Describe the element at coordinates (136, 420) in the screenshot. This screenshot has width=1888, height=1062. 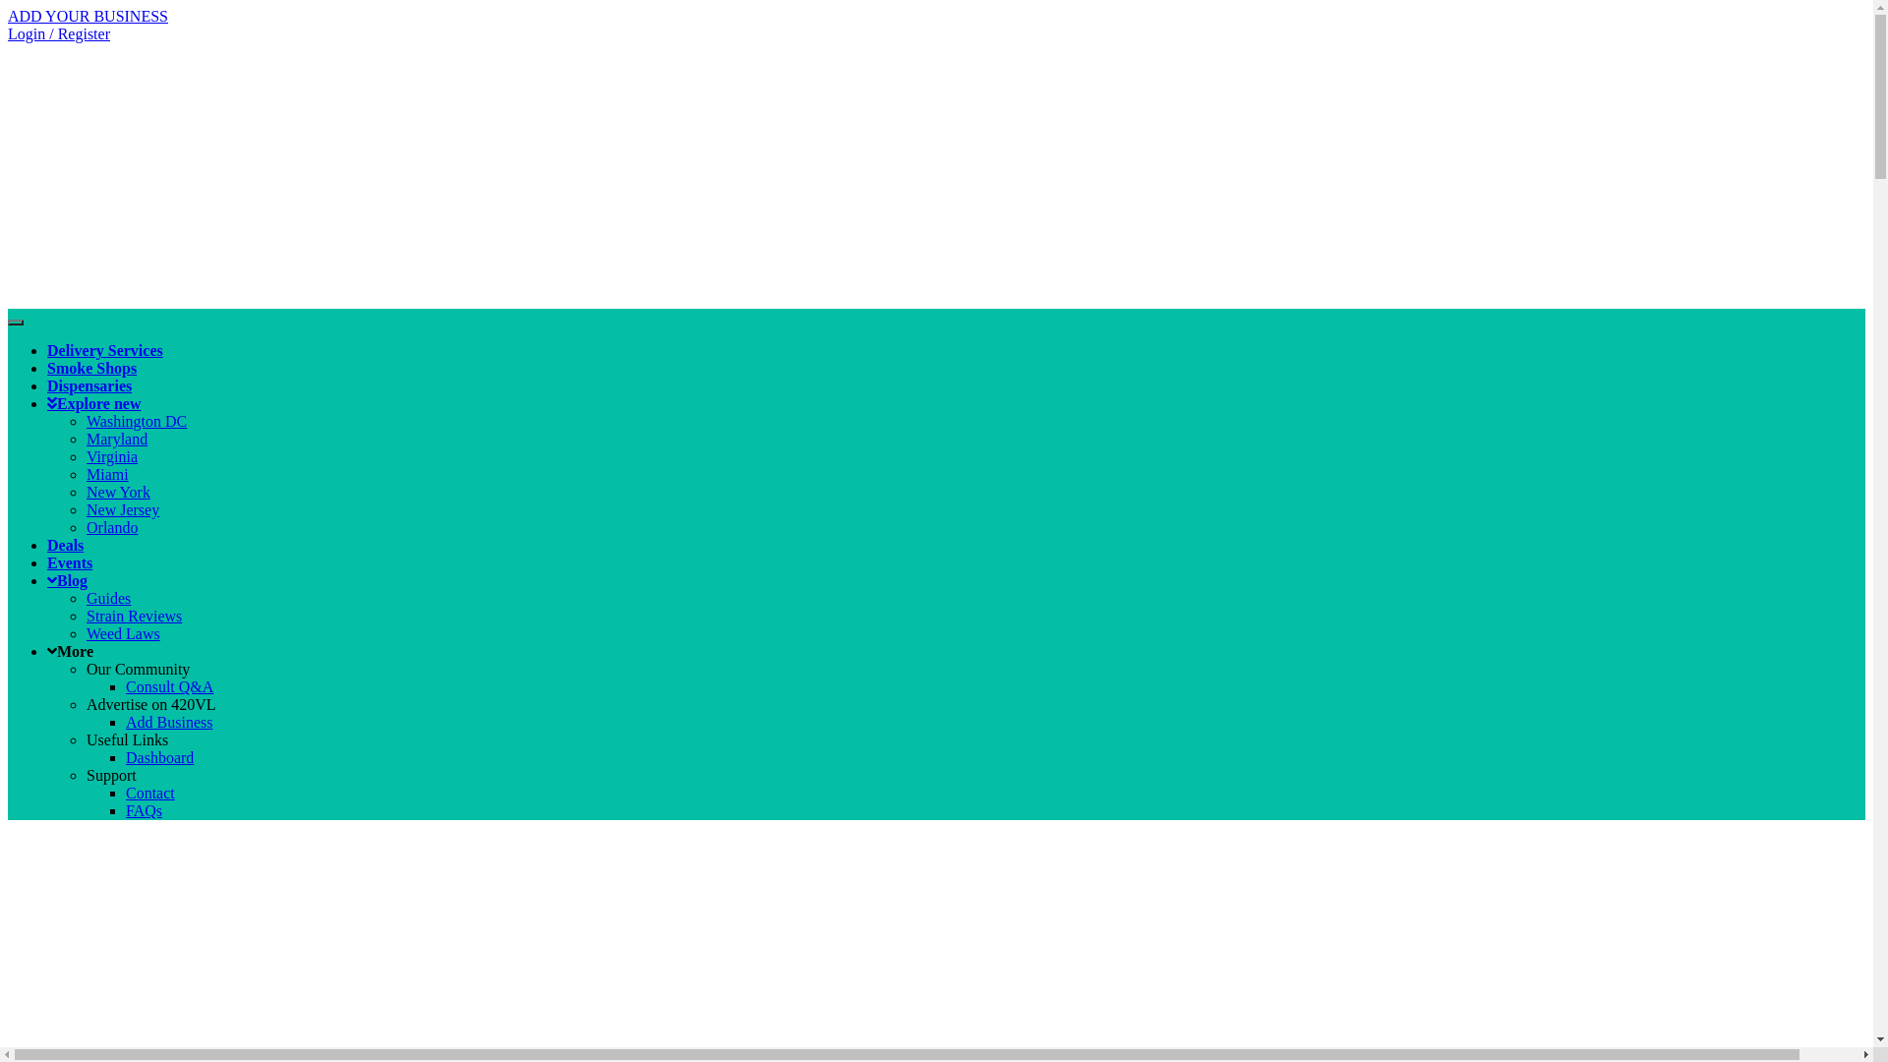
I see `'Washington DC'` at that location.